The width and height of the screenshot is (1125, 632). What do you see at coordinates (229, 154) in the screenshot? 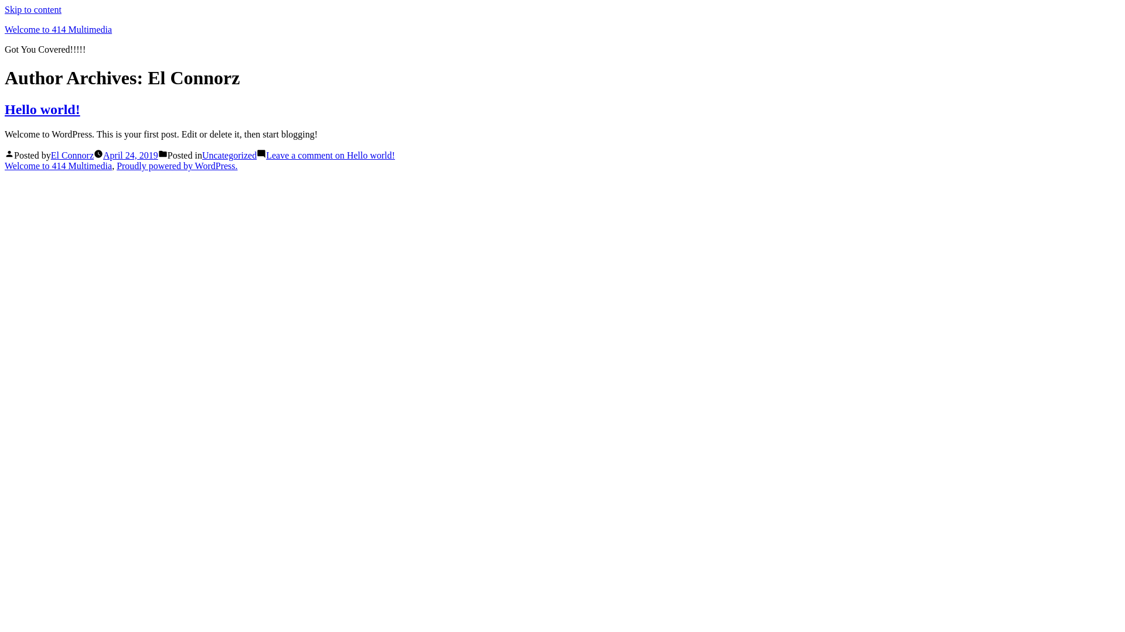
I see `'Uncategorized'` at bounding box center [229, 154].